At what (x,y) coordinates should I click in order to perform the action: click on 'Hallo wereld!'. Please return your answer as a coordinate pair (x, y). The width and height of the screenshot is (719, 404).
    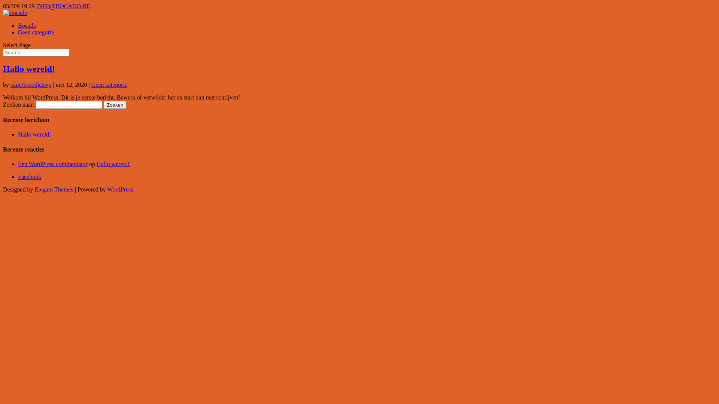
    Looking at the image, I should click on (113, 163).